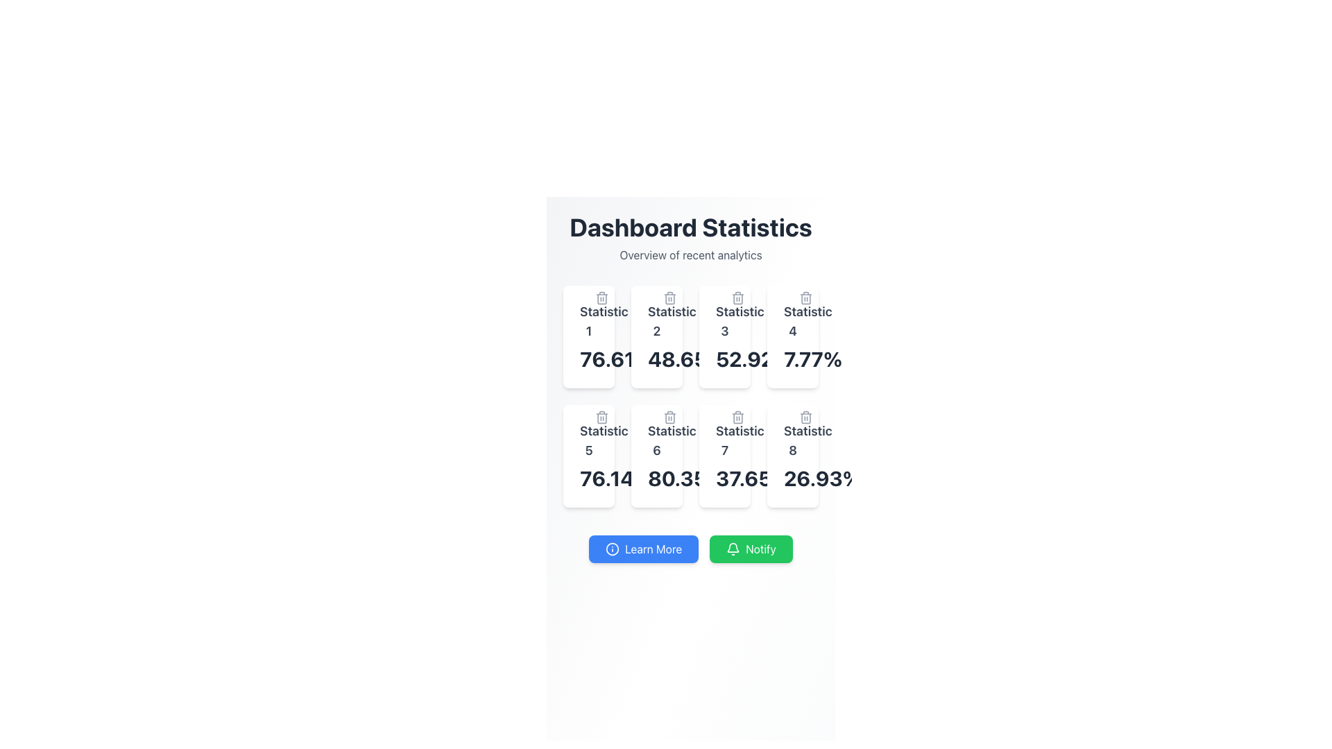 The image size is (1332, 749). What do you see at coordinates (589, 441) in the screenshot?
I see `the label that serves as the title for the statistic card located in the second row, first column of the grid layout` at bounding box center [589, 441].